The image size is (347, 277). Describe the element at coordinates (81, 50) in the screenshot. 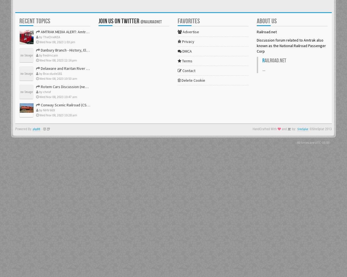

I see `'Danbury Branch - History, Electrification, Studies'` at that location.